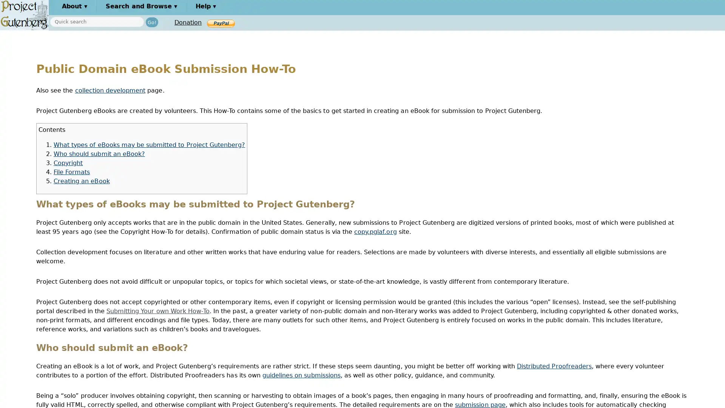 The image size is (725, 408). What do you see at coordinates (221, 23) in the screenshot?
I see `Donate via PayPal` at bounding box center [221, 23].